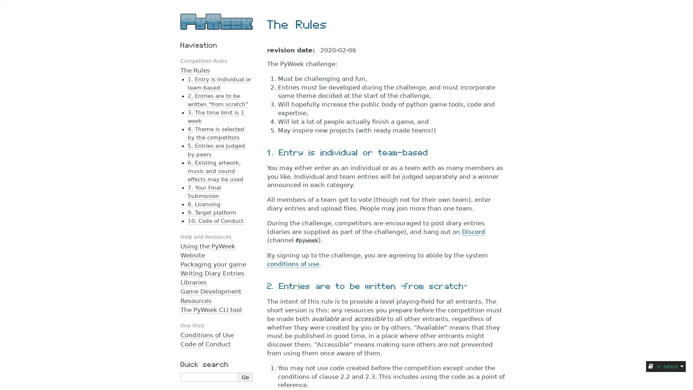 This screenshot has width=693, height=390. What do you see at coordinates (245, 377) in the screenshot?
I see `Go` at bounding box center [245, 377].